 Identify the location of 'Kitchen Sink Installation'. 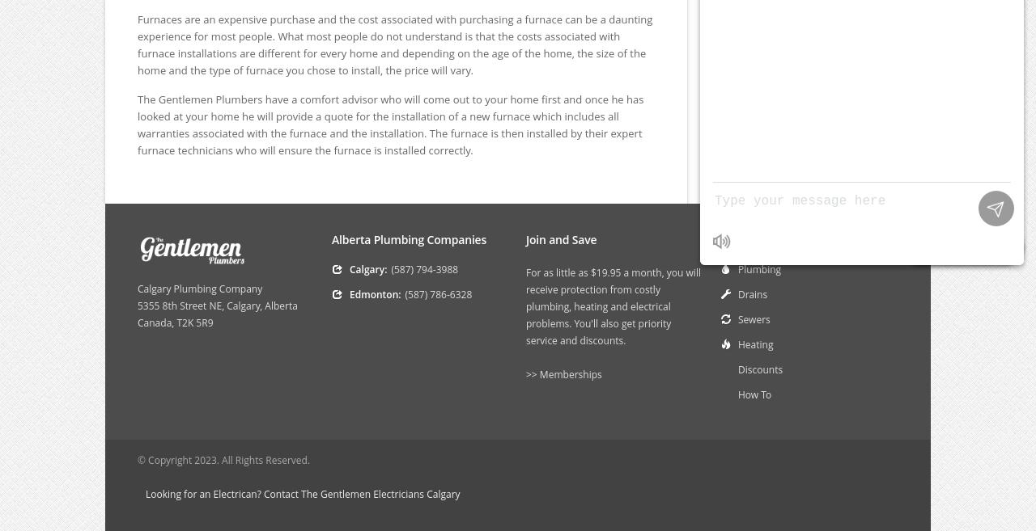
(788, 91).